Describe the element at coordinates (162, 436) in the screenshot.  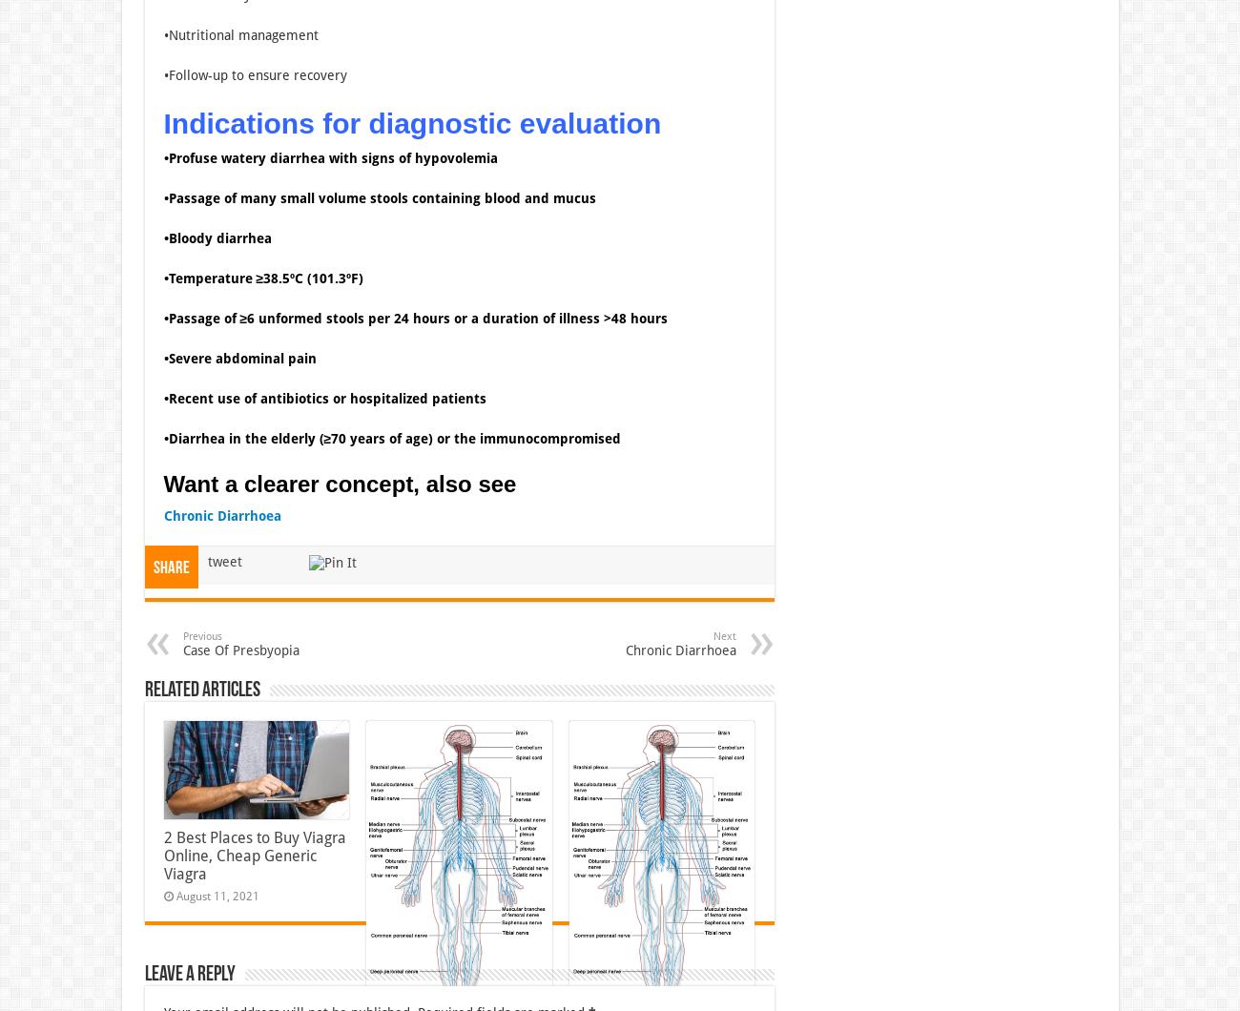
I see `'•Diarrhea in the elderly (≥70 years of age) or the immunocompromised'` at that location.